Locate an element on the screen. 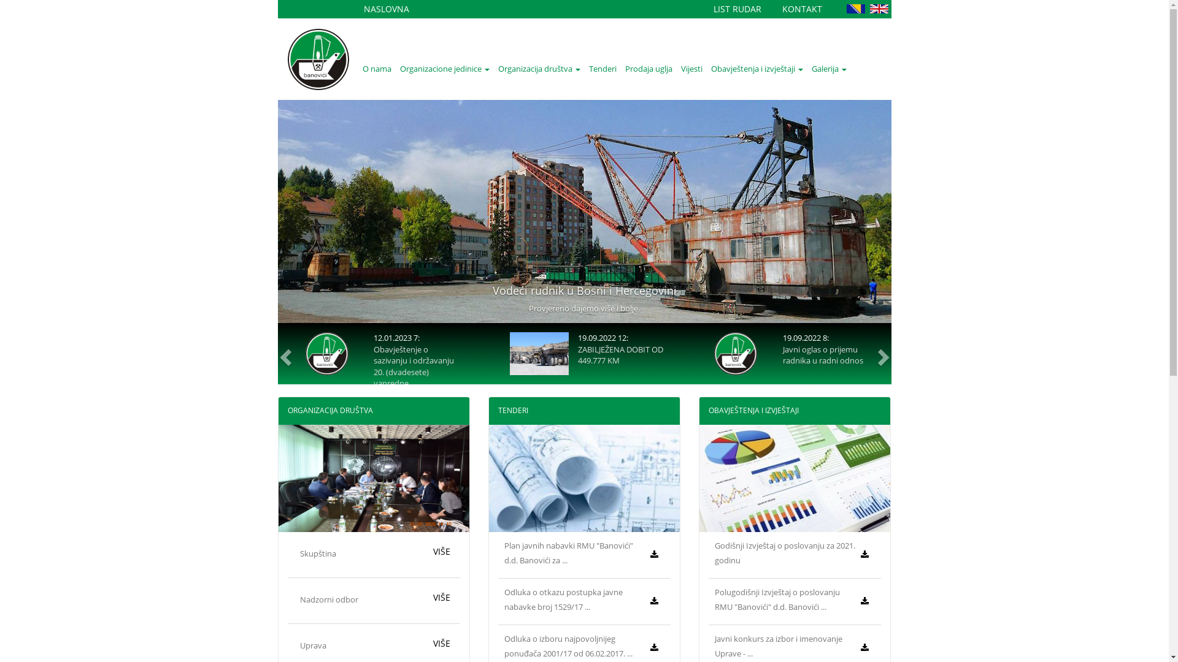 The image size is (1178, 662). 'Javni konkurs za izbor i imenovanje Uprave - ...' is located at coordinates (777, 645).